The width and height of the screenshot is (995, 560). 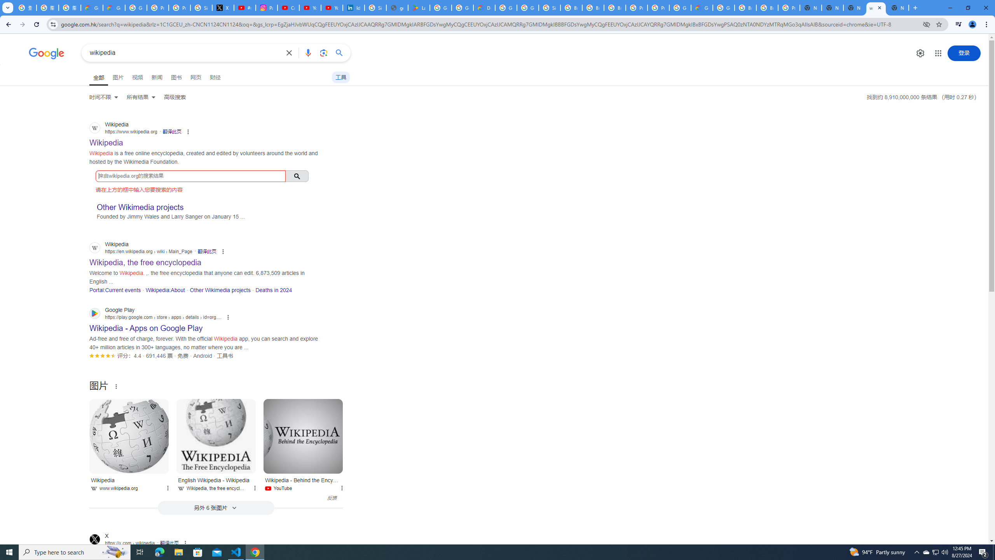 I want to click on 'Last Shelter: Survival - Apps on Google Play', so click(x=419, y=7).